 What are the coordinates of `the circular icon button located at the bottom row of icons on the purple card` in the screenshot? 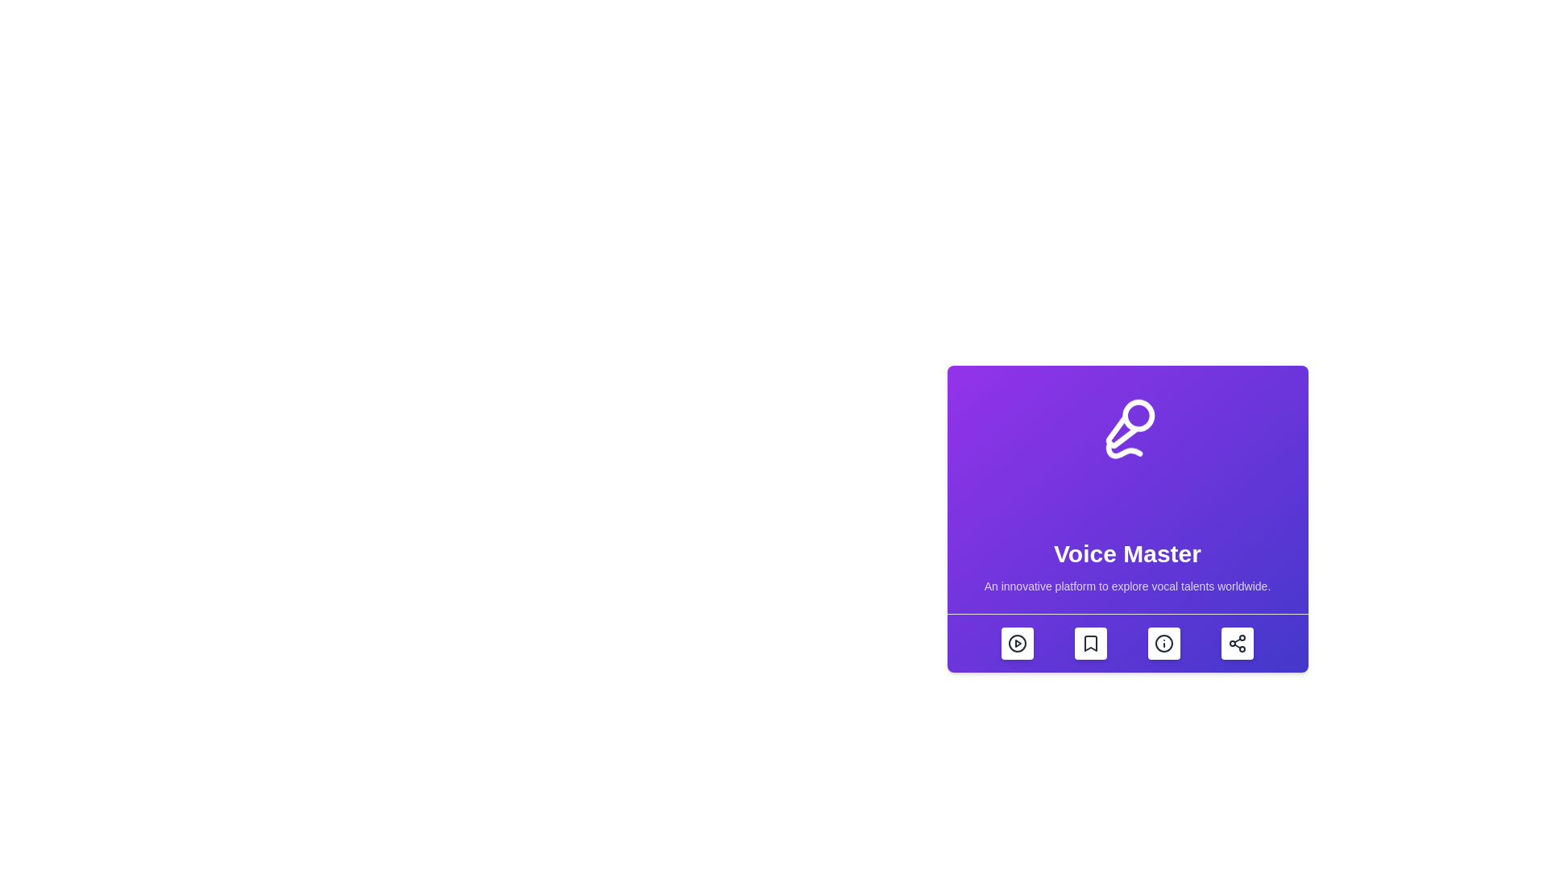 It's located at (1163, 642).